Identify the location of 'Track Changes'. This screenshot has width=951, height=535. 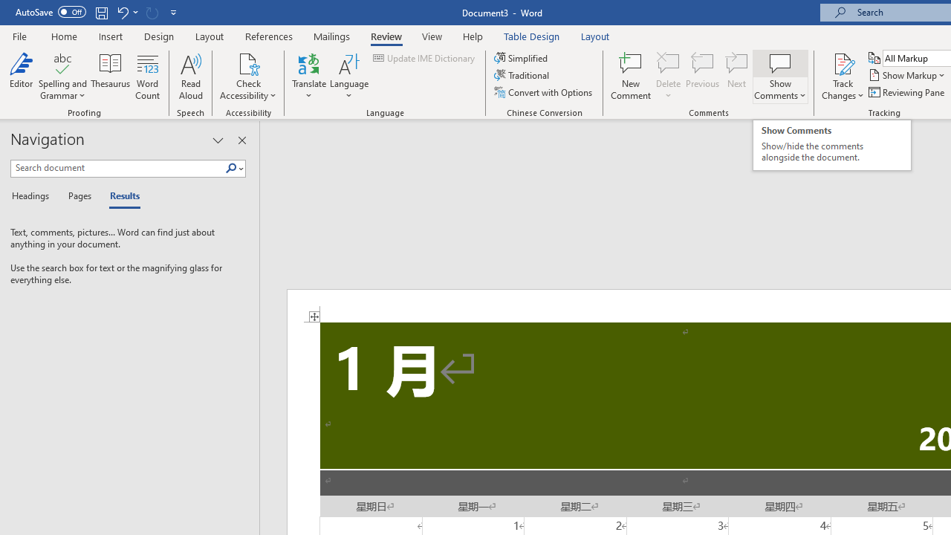
(843, 62).